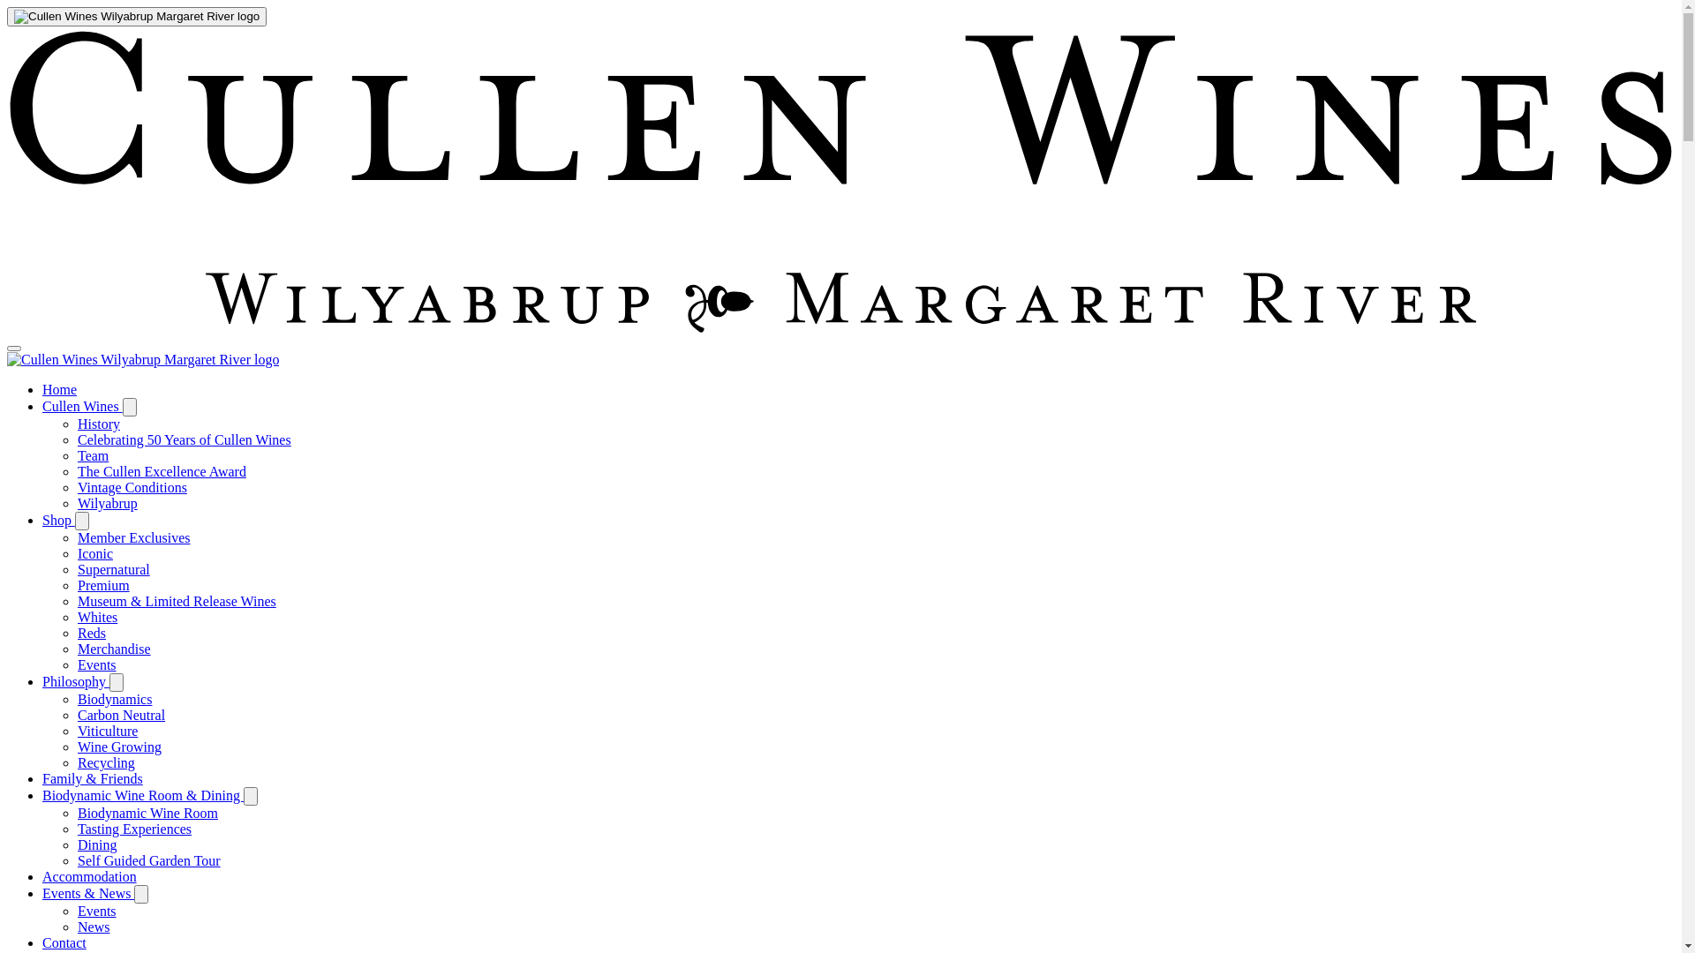  Describe the element at coordinates (96, 616) in the screenshot. I see `'Whites'` at that location.